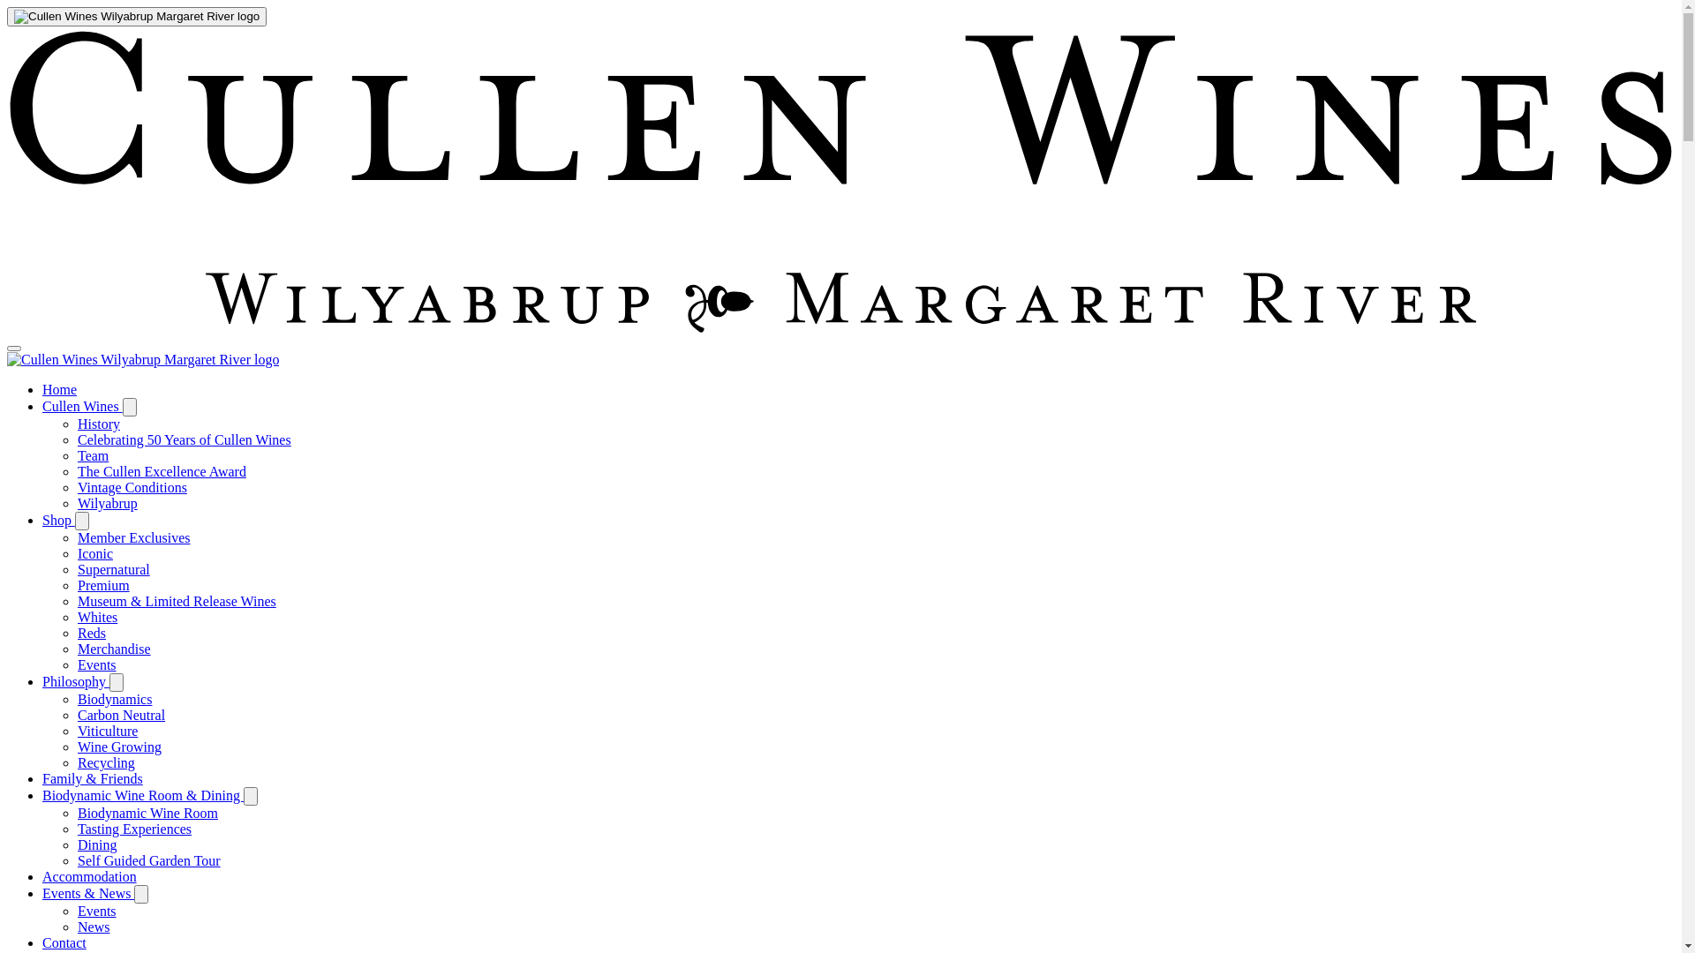  Describe the element at coordinates (96, 616) in the screenshot. I see `'Whites'` at that location.